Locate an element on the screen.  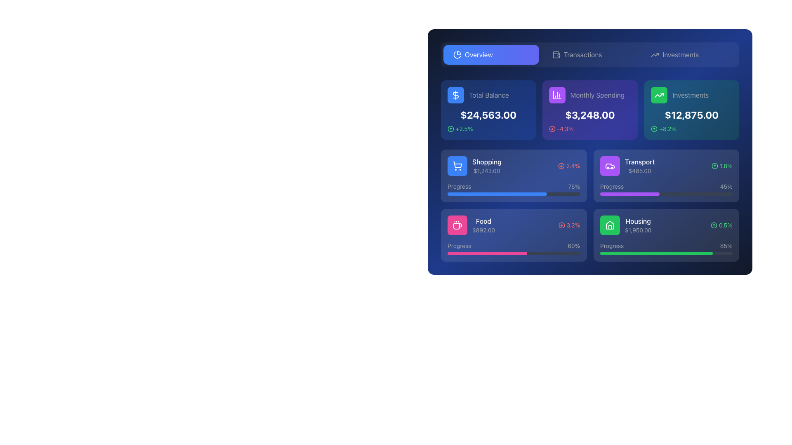
the wallet outline icon located to the immediate left of the 'Transactions' text in the header section of the second tab in the navigation bar is located at coordinates (556, 54).